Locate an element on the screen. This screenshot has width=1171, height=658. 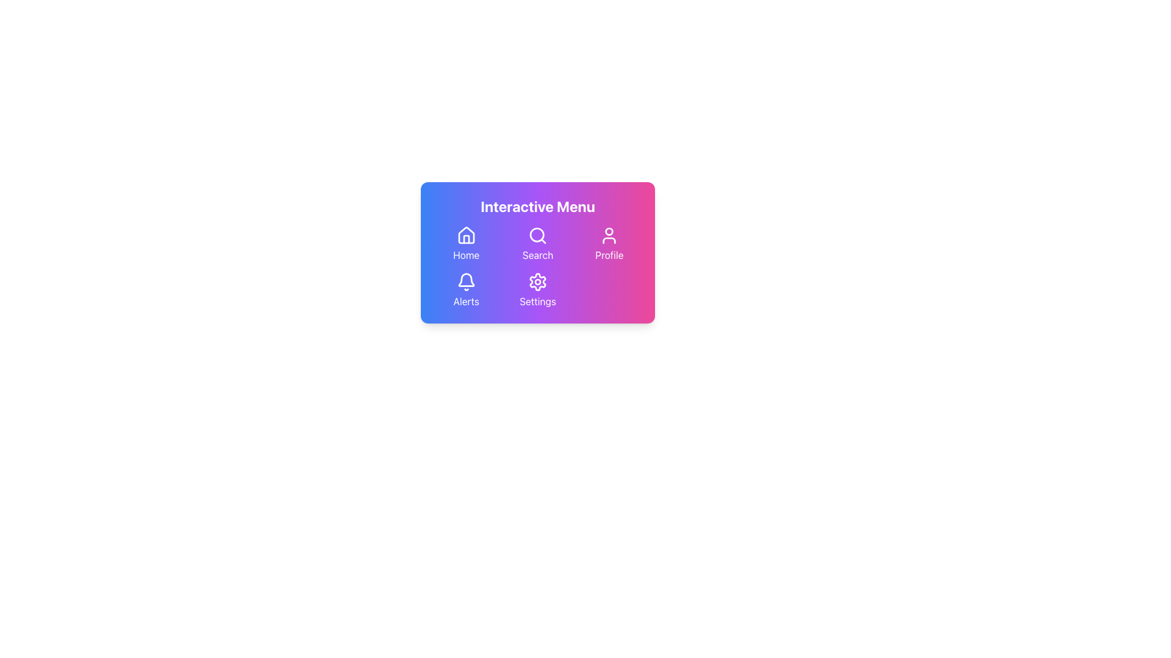
the text label that serves as a descriptor for the search functionality located under the search icon in the interactive menu card to observe additional effects such as color changes is located at coordinates (537, 255).